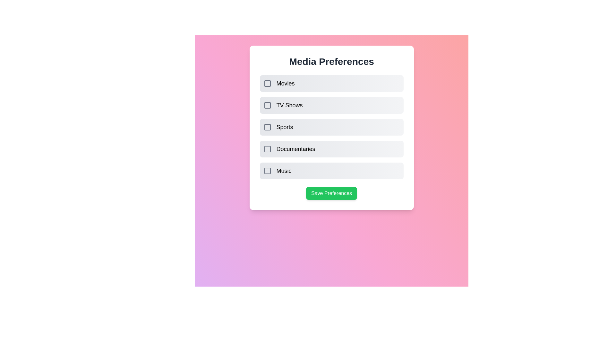  I want to click on the media preference item Sports, so click(267, 127).